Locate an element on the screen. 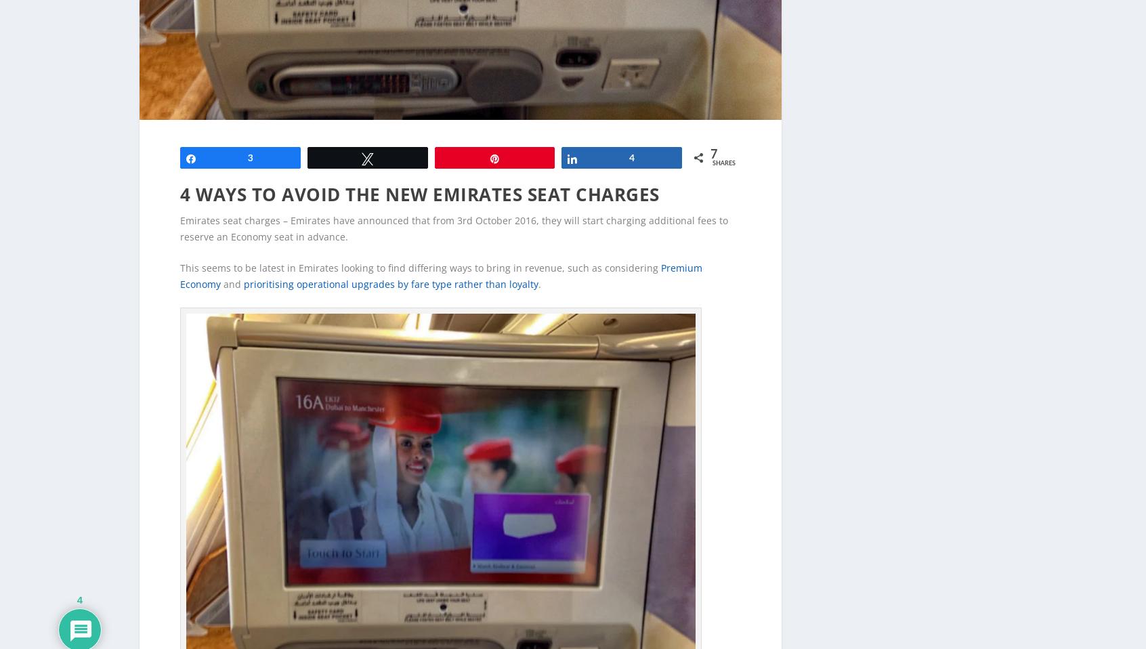 The width and height of the screenshot is (1146, 649). 'Premium Economy' is located at coordinates (441, 253).